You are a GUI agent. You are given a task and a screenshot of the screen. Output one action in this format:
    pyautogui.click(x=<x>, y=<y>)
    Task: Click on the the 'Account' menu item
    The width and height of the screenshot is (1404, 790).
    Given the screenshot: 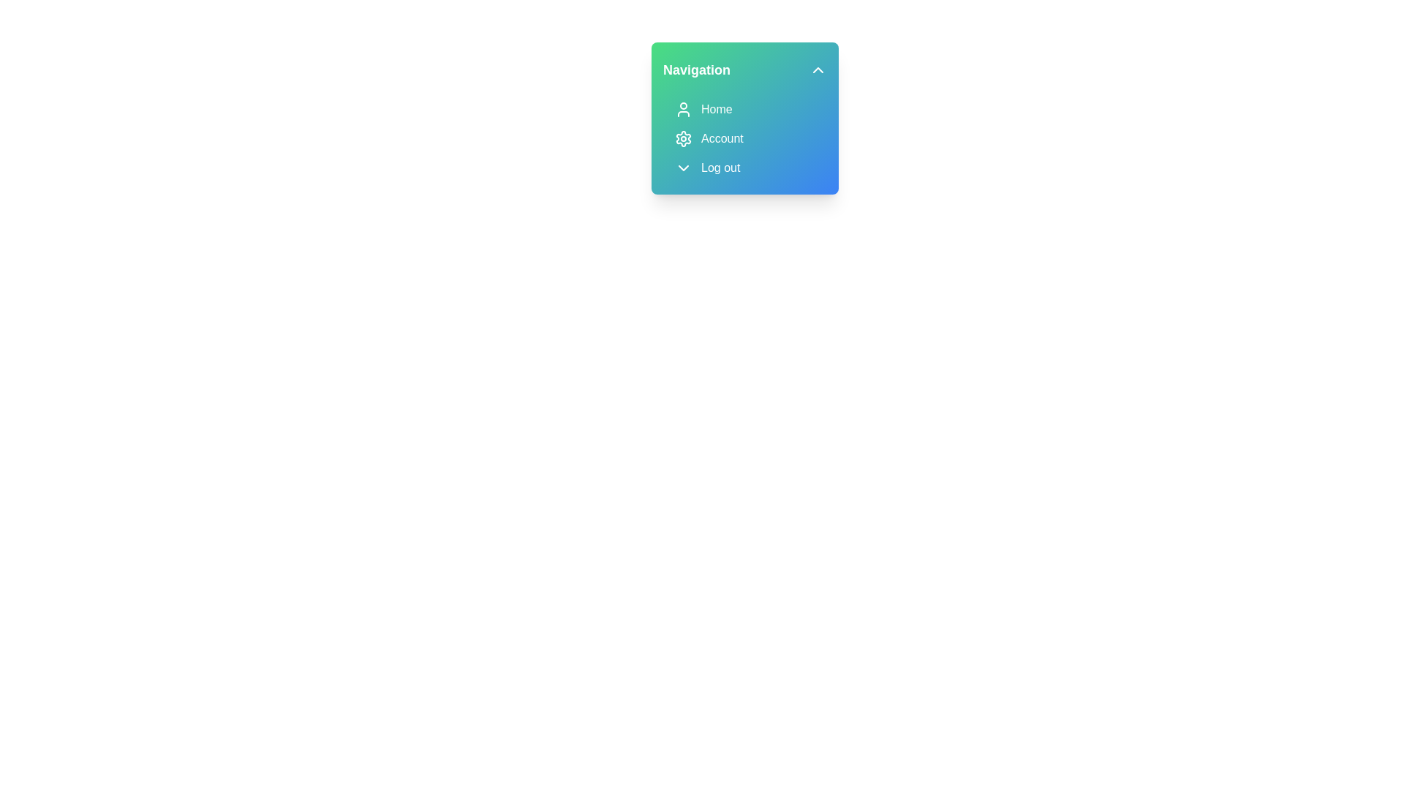 What is the action you would take?
    pyautogui.click(x=744, y=138)
    